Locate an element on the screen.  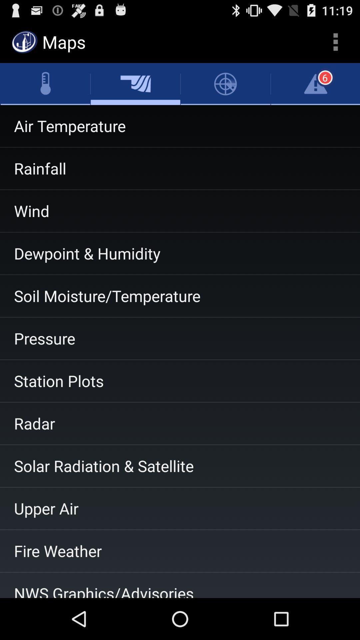
the wind is located at coordinates (180, 211).